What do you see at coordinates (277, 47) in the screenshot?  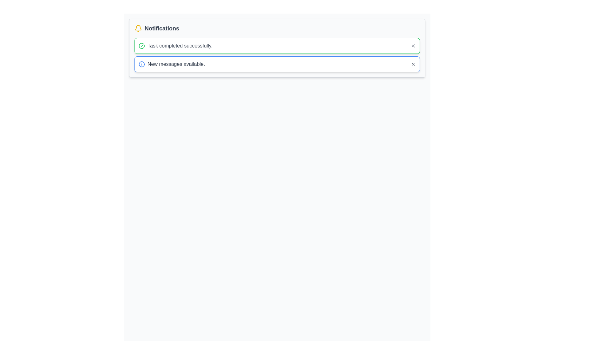 I see `the first notification card in the 'Notifications' section, which notifies the user of successfully completed tasks` at bounding box center [277, 47].